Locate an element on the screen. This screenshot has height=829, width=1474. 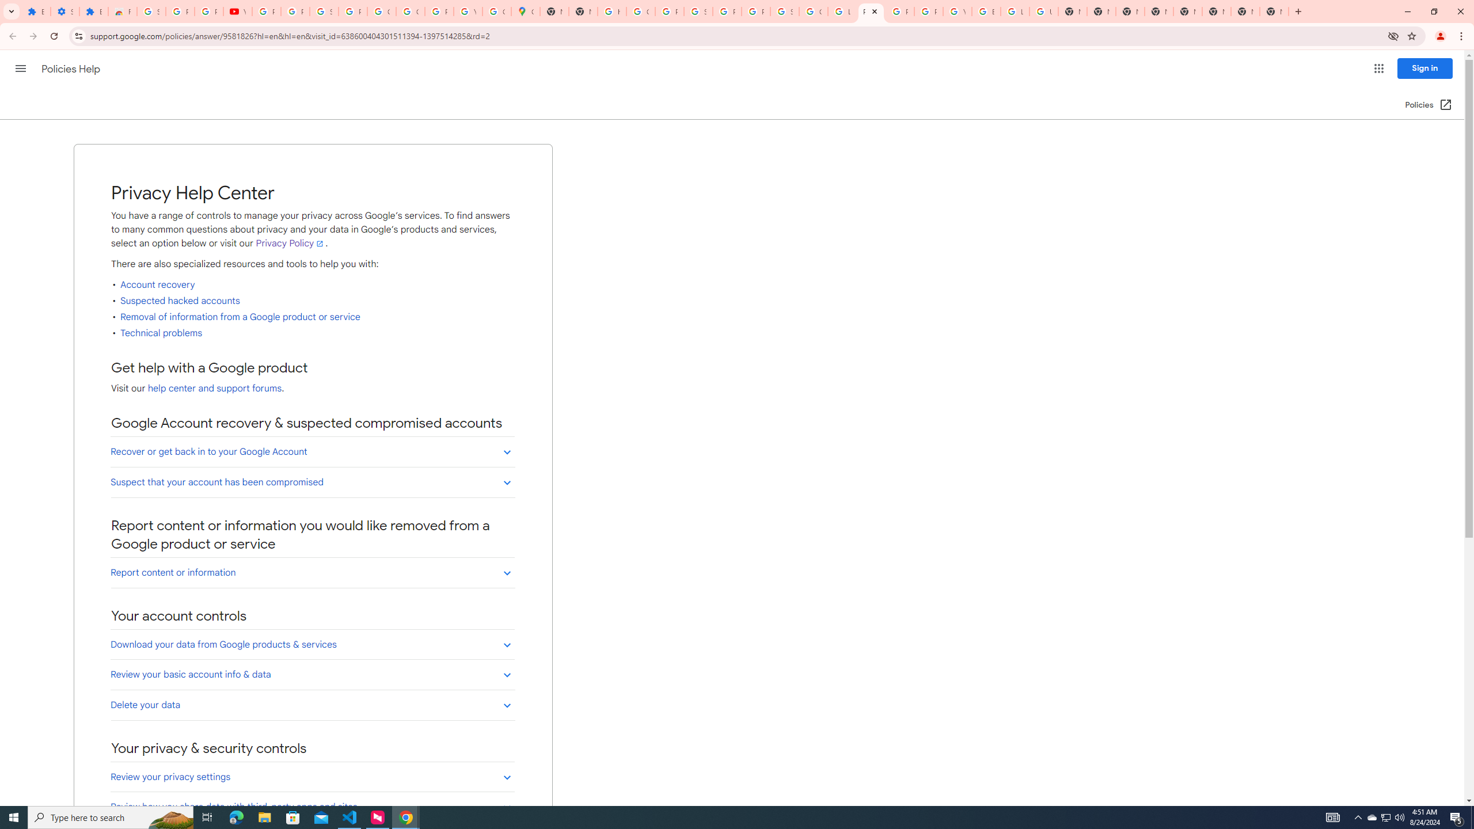
'Removal of information from a Google product or service' is located at coordinates (240, 317).